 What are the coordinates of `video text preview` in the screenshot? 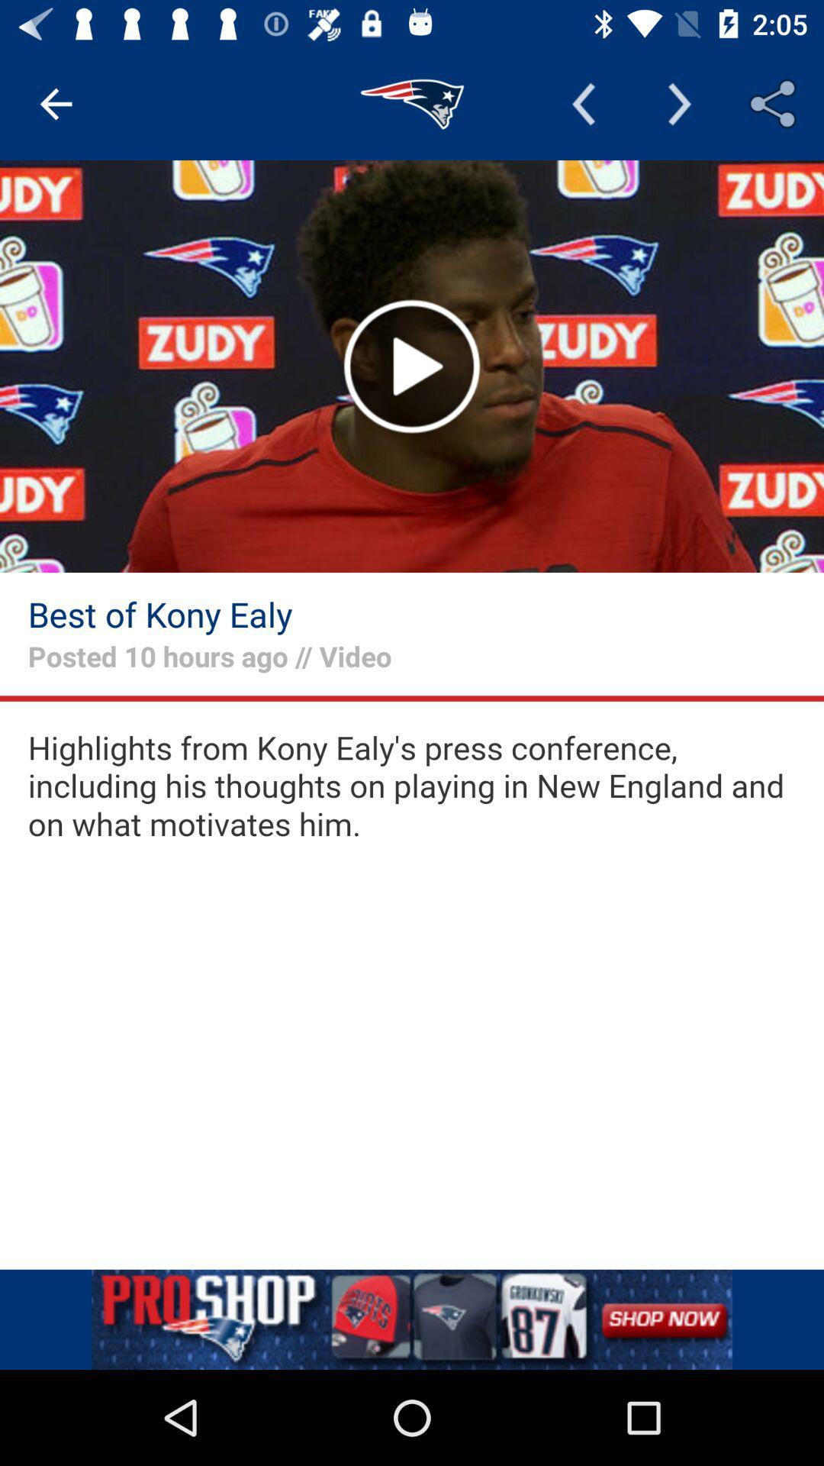 It's located at (412, 786).